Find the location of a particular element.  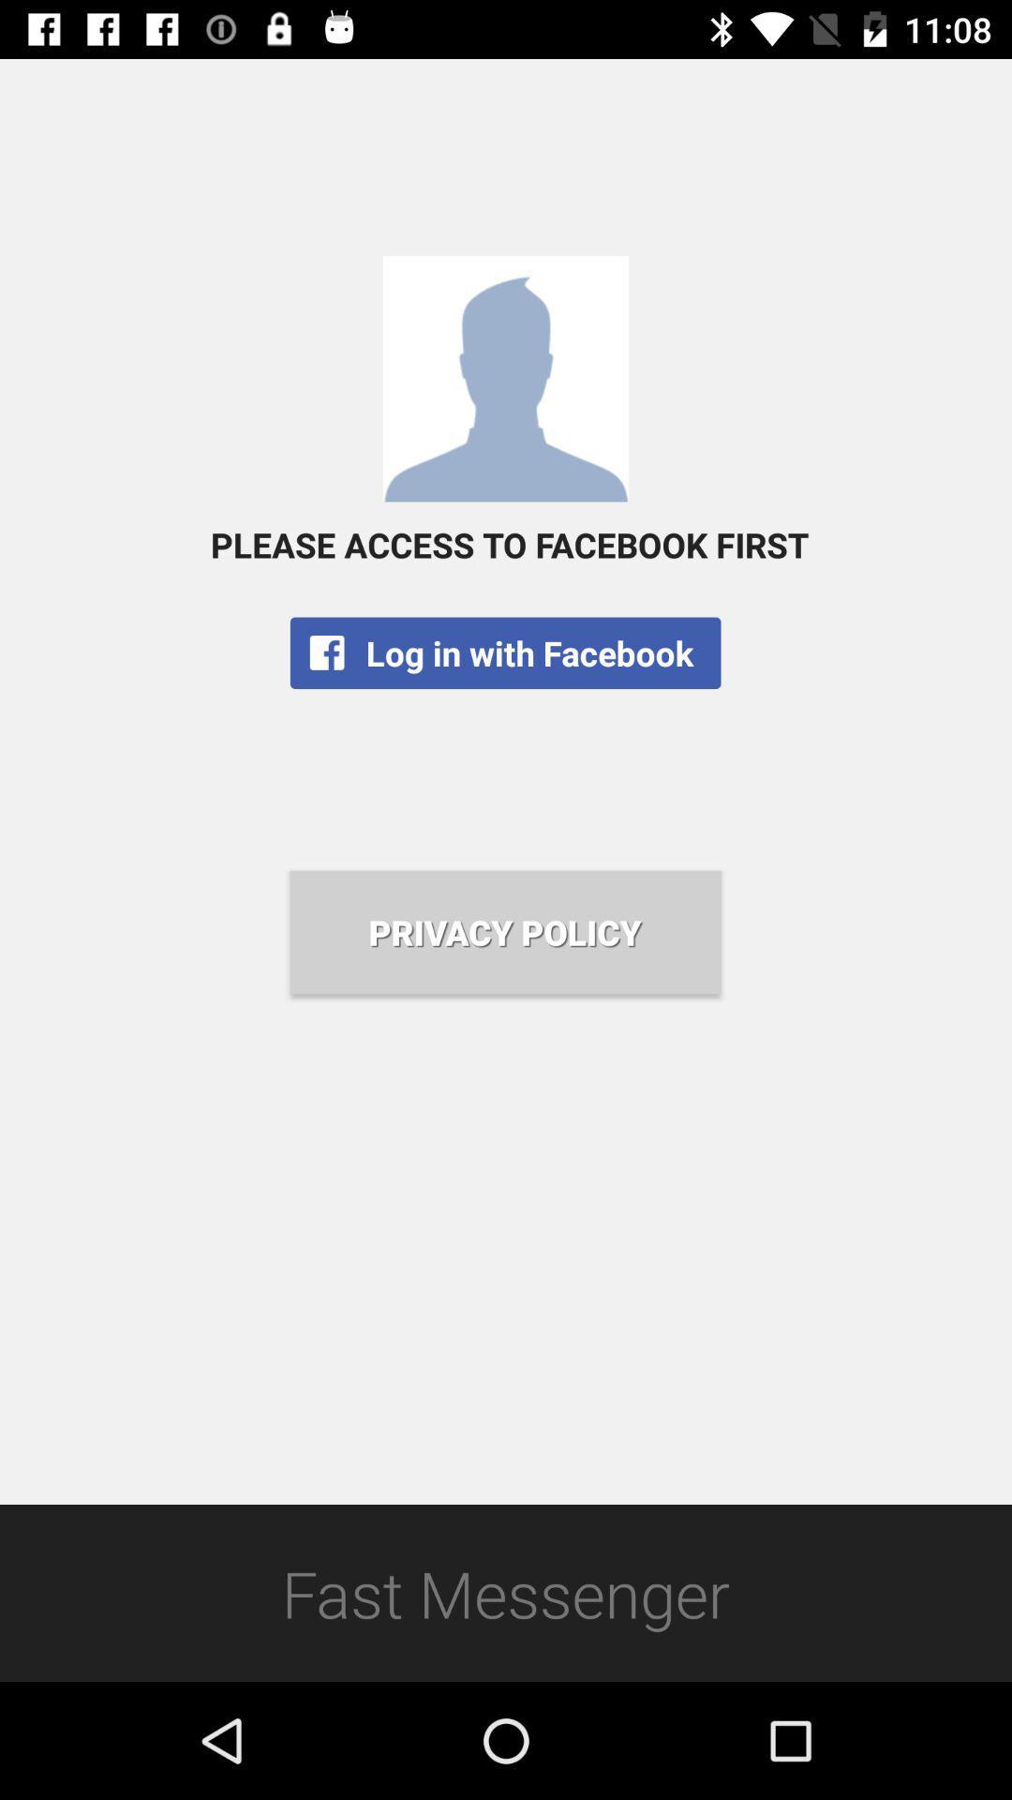

the privacy policy item is located at coordinates (504, 932).